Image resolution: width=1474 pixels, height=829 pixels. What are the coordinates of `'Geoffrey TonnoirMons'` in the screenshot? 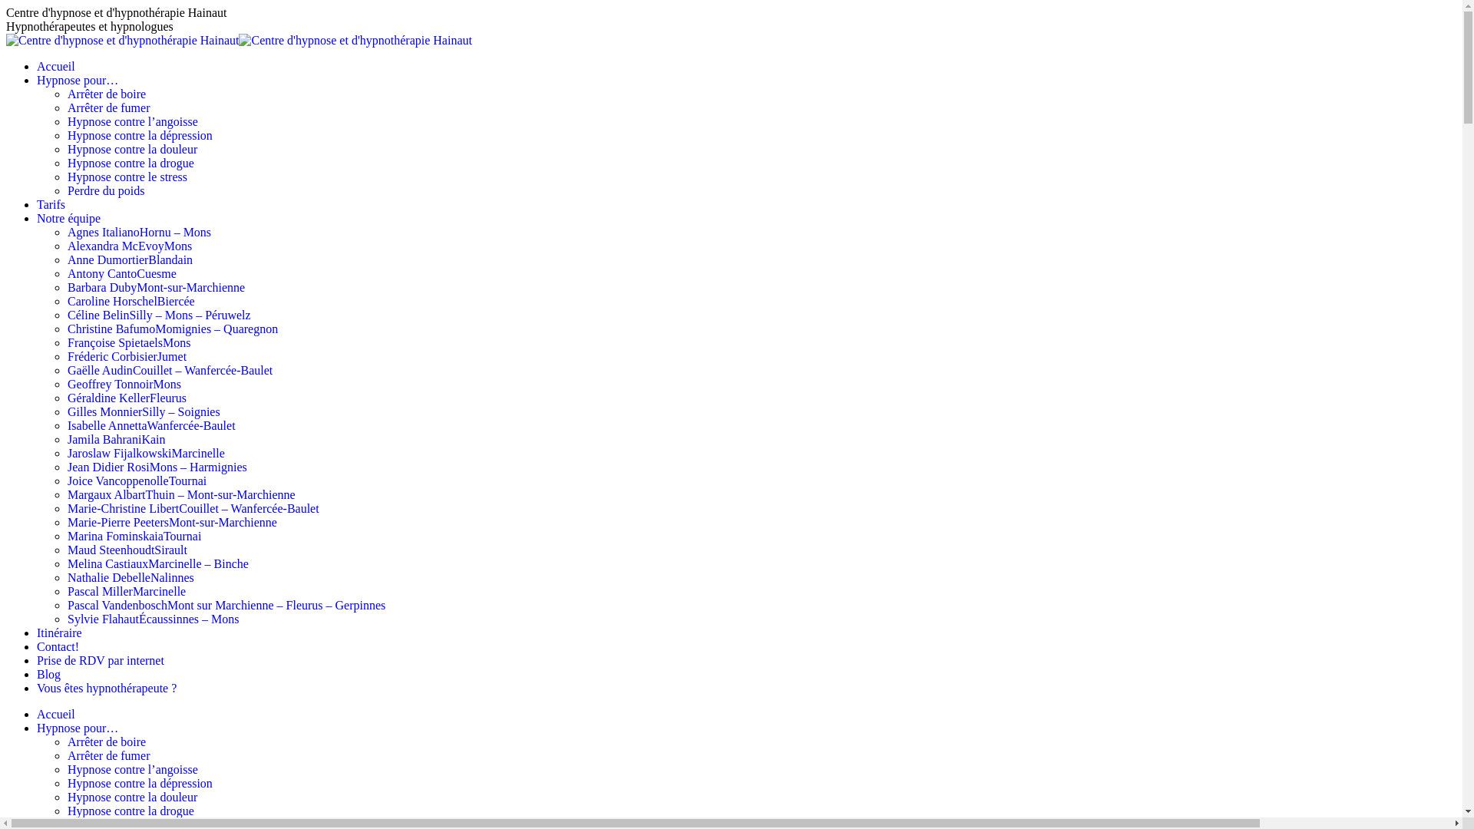 It's located at (124, 383).